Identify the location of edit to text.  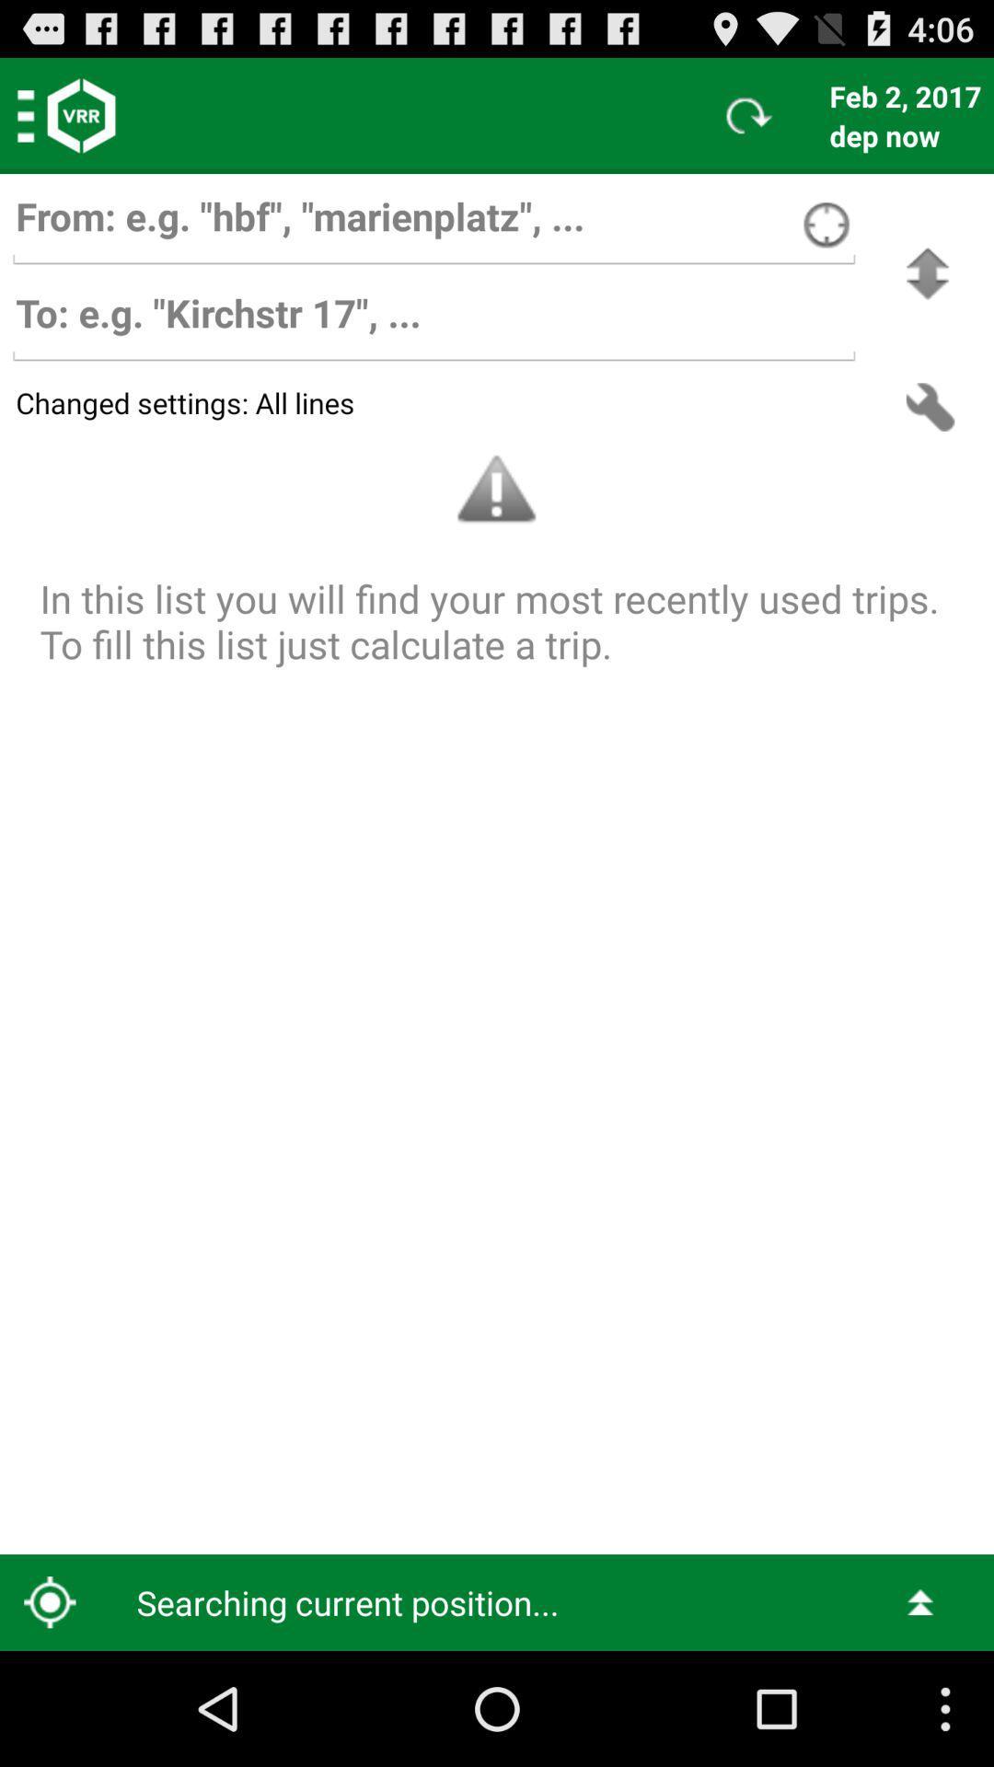
(433, 322).